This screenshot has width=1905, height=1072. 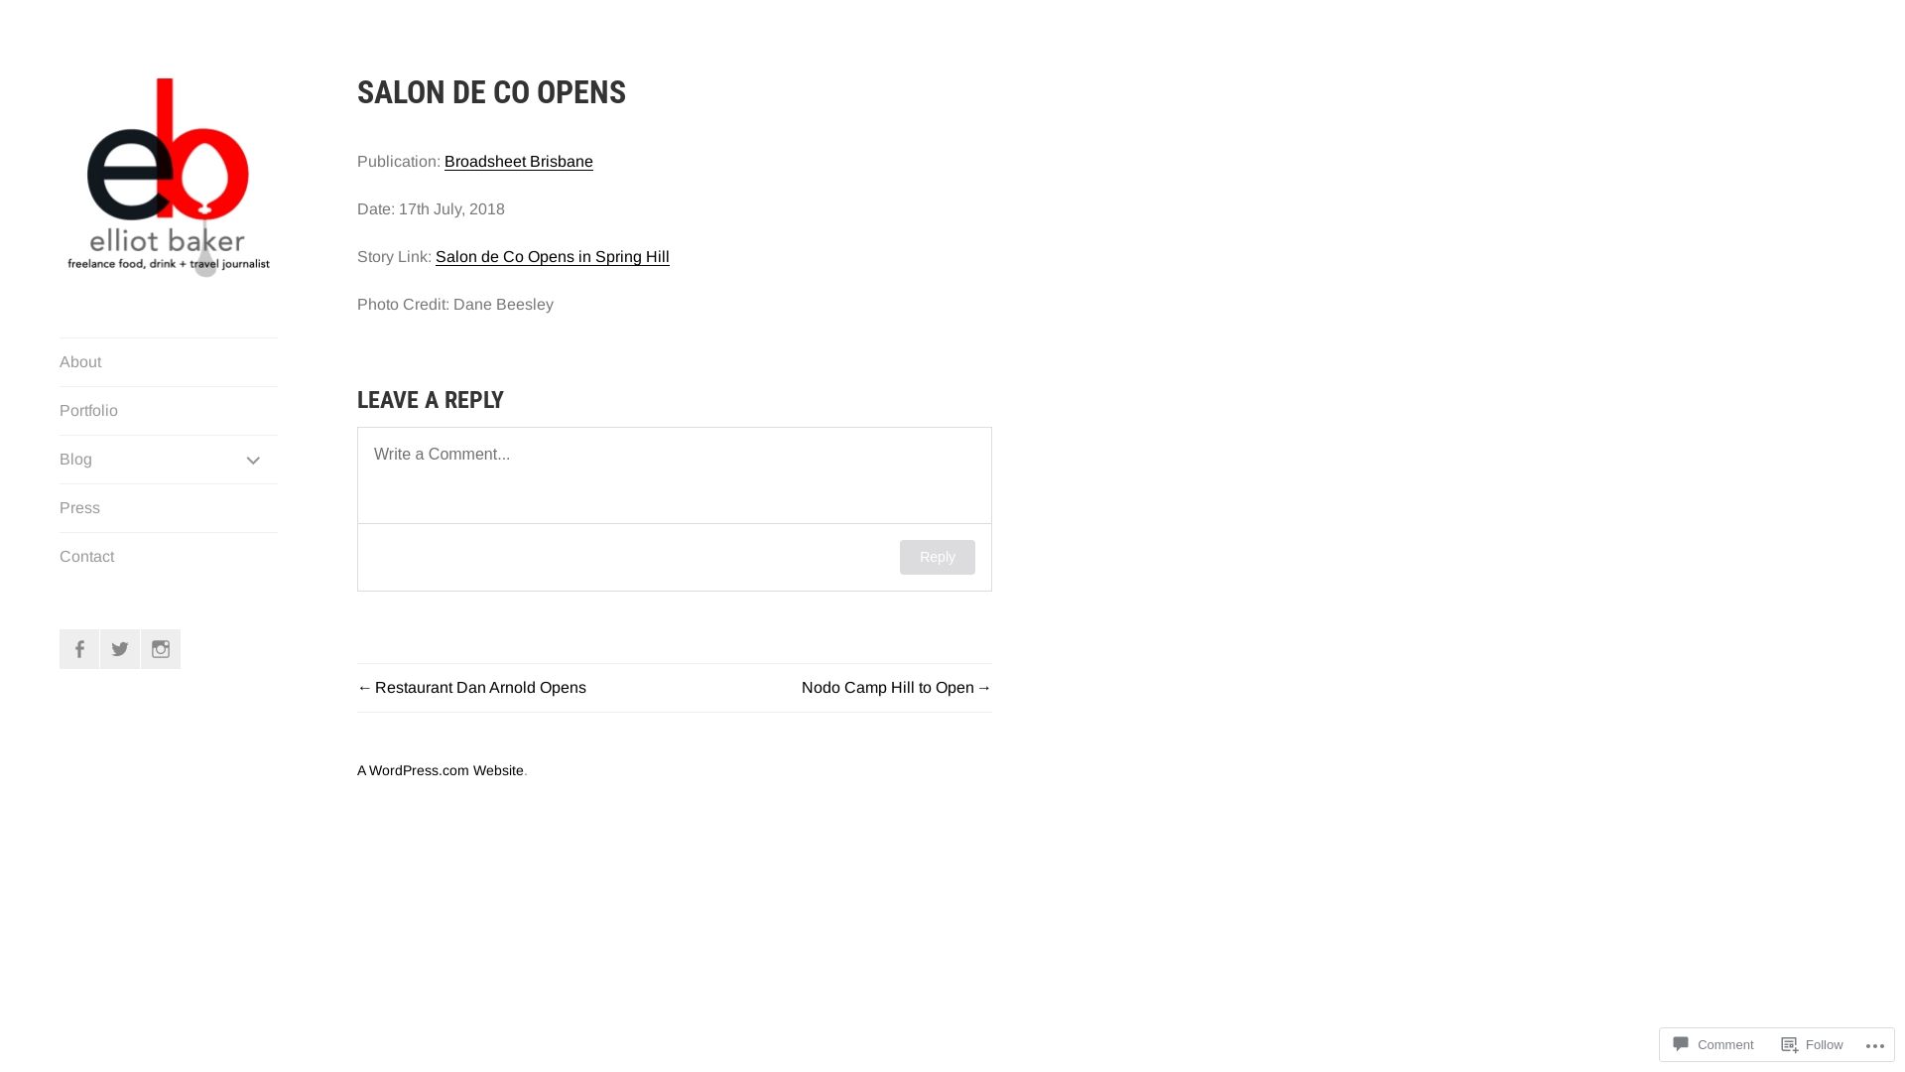 What do you see at coordinates (168, 409) in the screenshot?
I see `'Portfolio'` at bounding box center [168, 409].